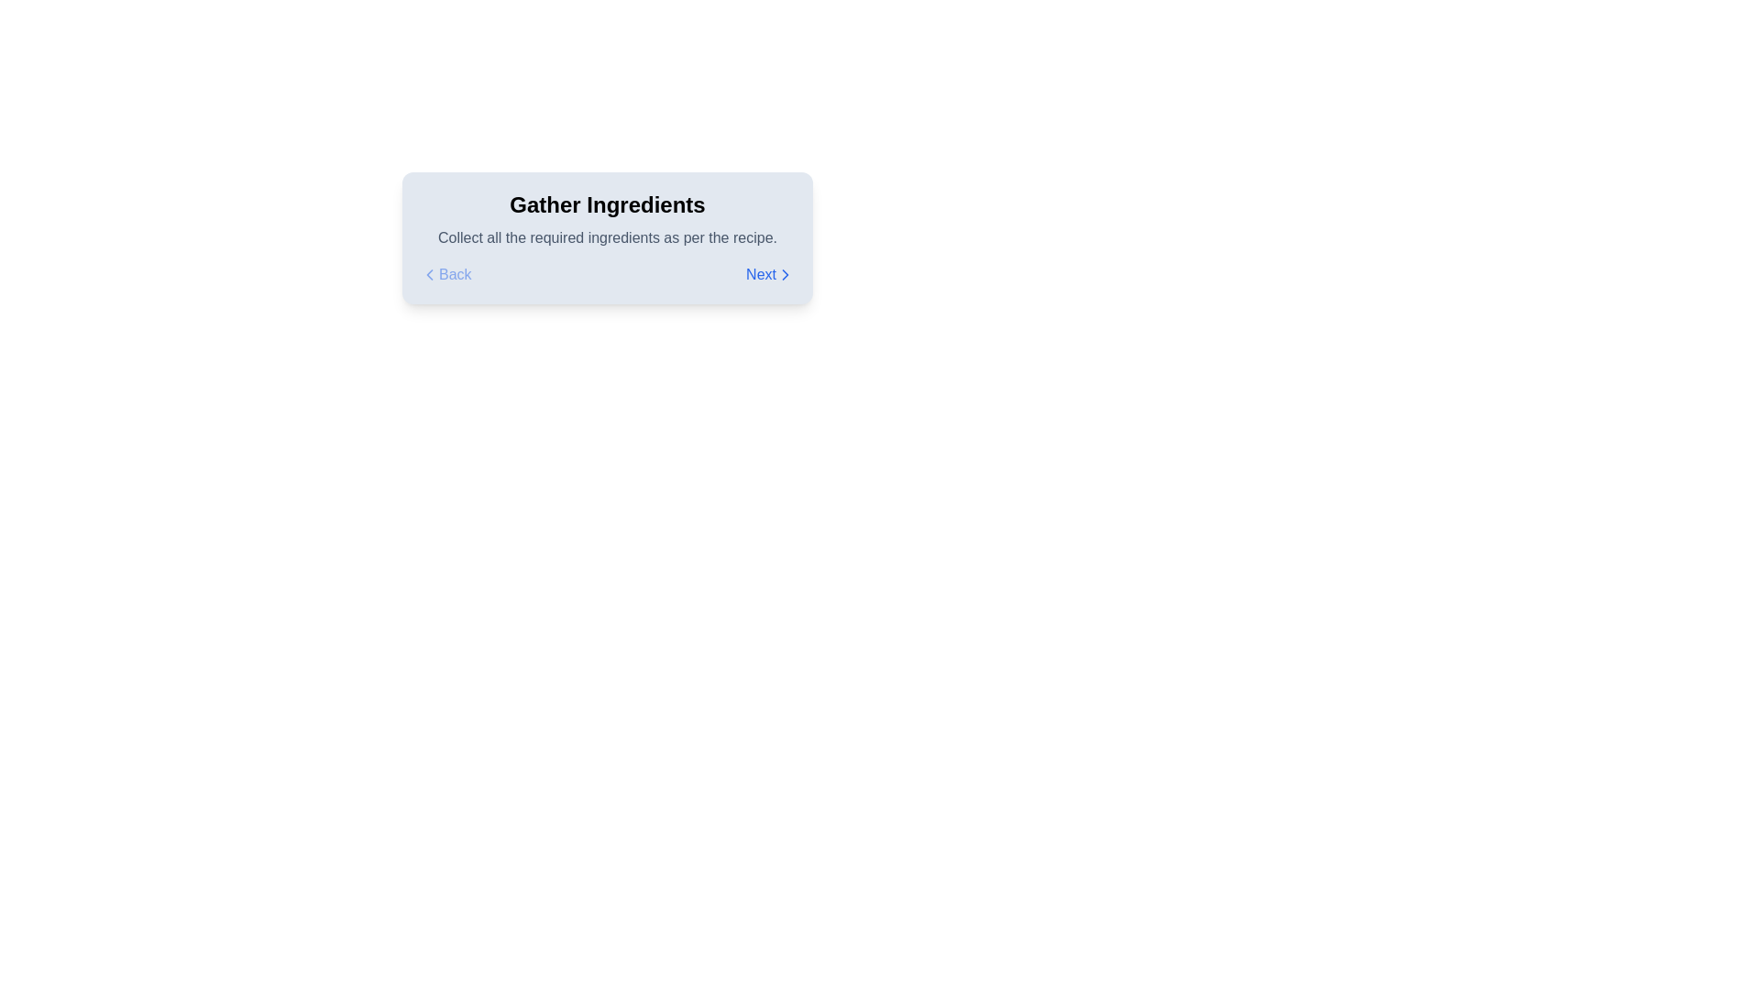  I want to click on the left-pointing chevron icon adjacent to the 'Back' text label, so click(429, 275).